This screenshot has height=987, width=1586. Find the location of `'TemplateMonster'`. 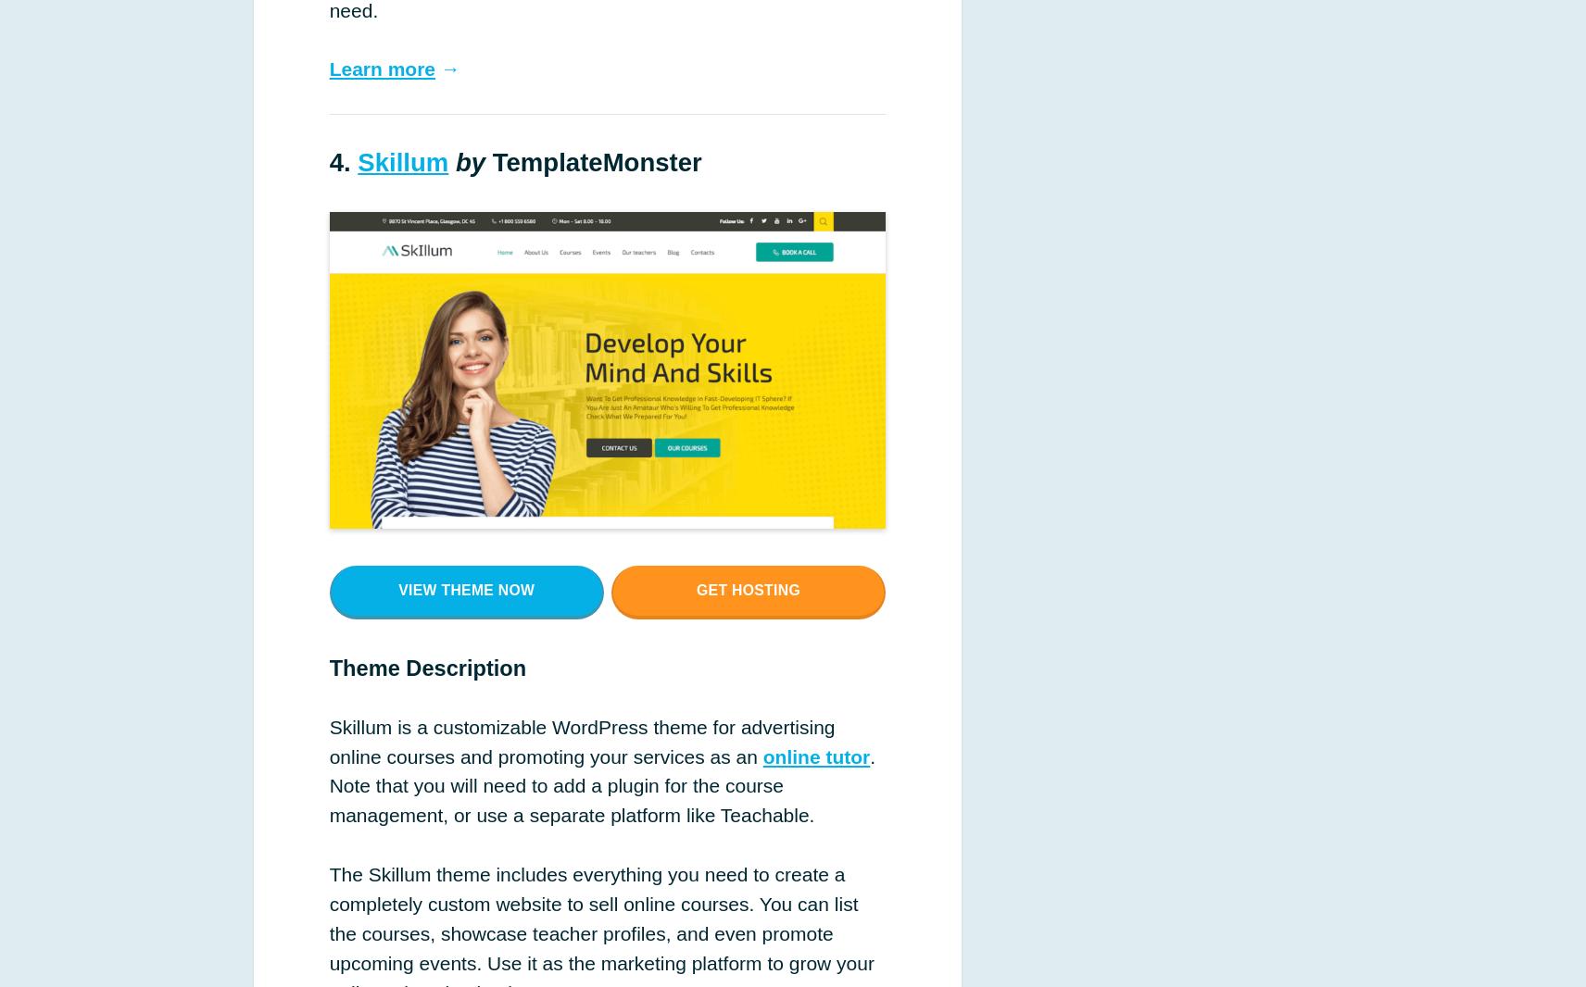

'TemplateMonster' is located at coordinates (592, 161).